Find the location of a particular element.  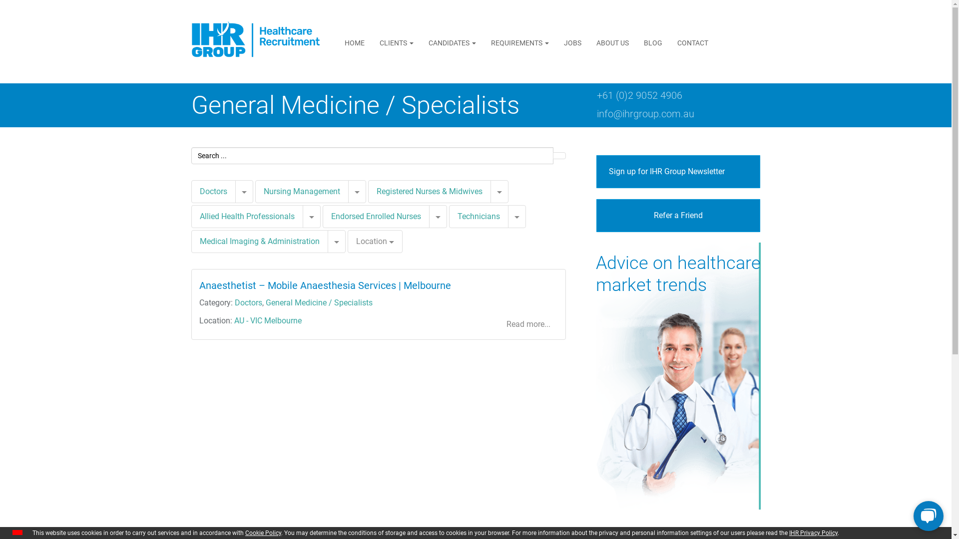

'info@ihrgroup.com.au' is located at coordinates (645, 113).